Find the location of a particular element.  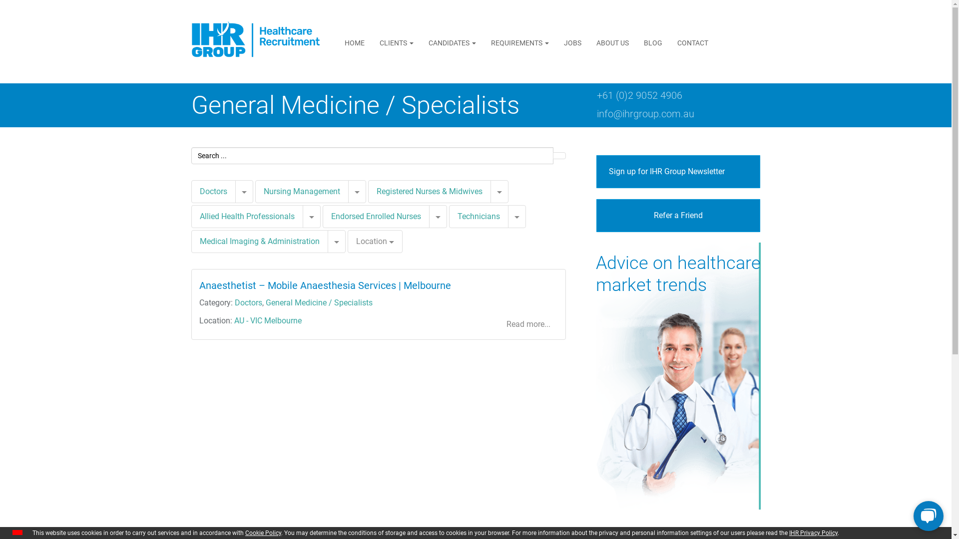

'info@ihrgroup.com.au' is located at coordinates (645, 113).